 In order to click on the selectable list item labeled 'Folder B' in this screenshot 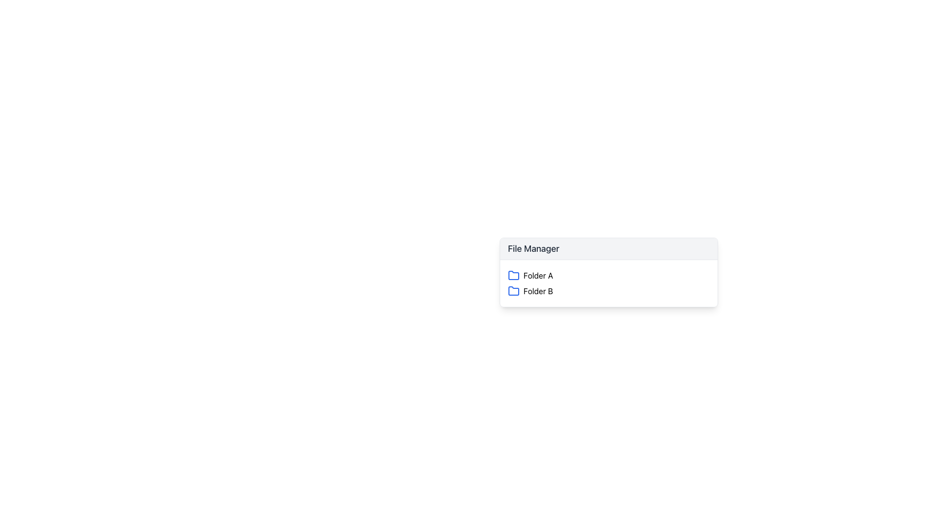, I will do `click(608, 290)`.